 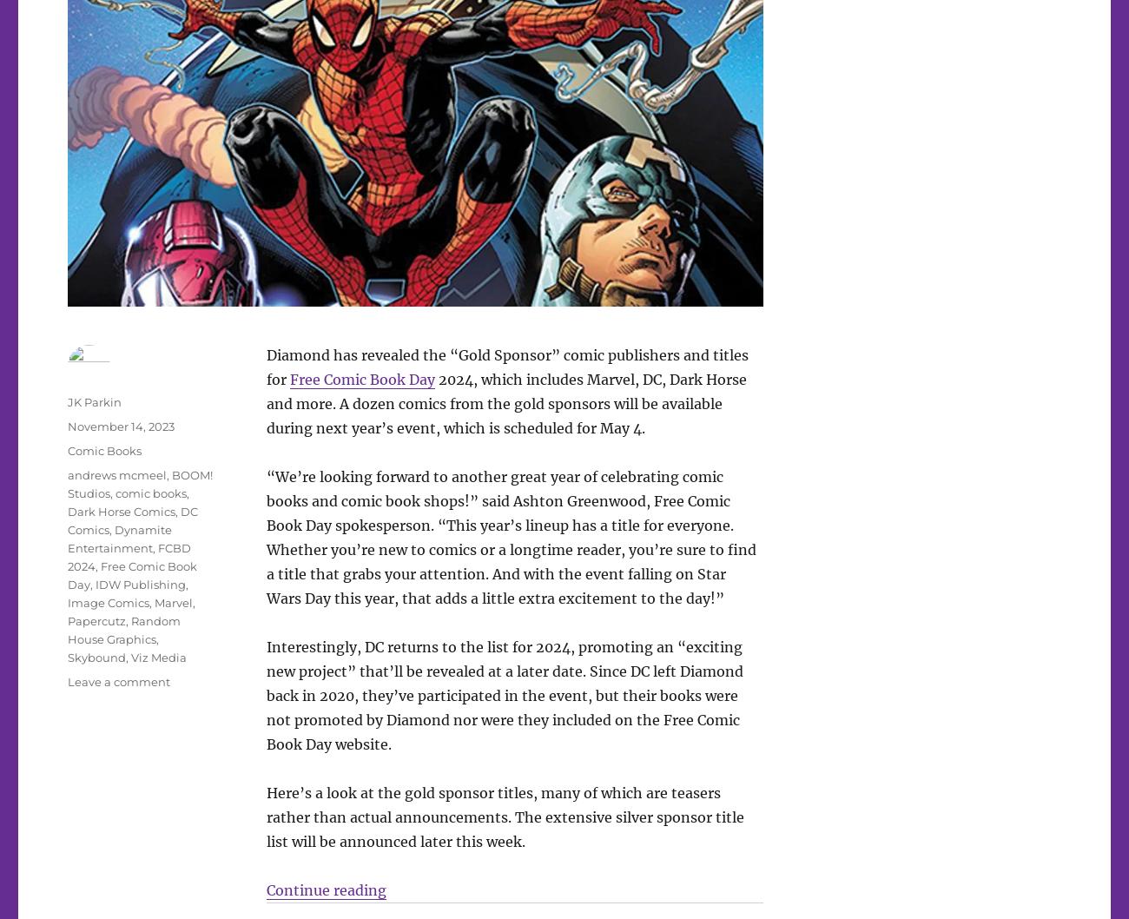 I want to click on 'Continue reading', so click(x=266, y=889).